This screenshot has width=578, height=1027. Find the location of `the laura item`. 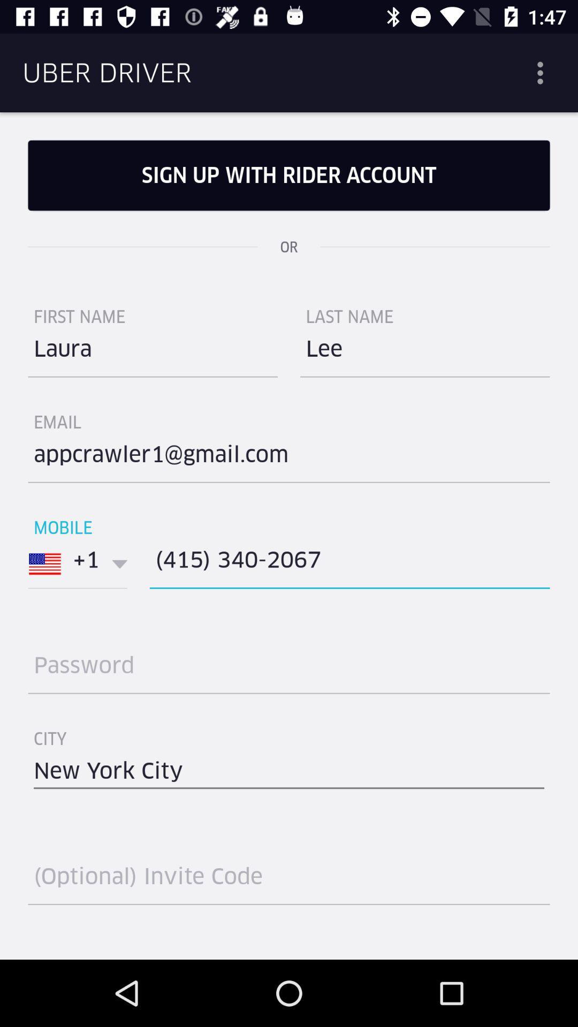

the laura item is located at coordinates (153, 353).